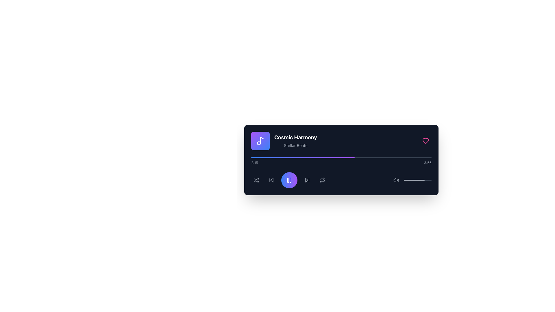 This screenshot has width=555, height=312. I want to click on playback time, so click(252, 158).